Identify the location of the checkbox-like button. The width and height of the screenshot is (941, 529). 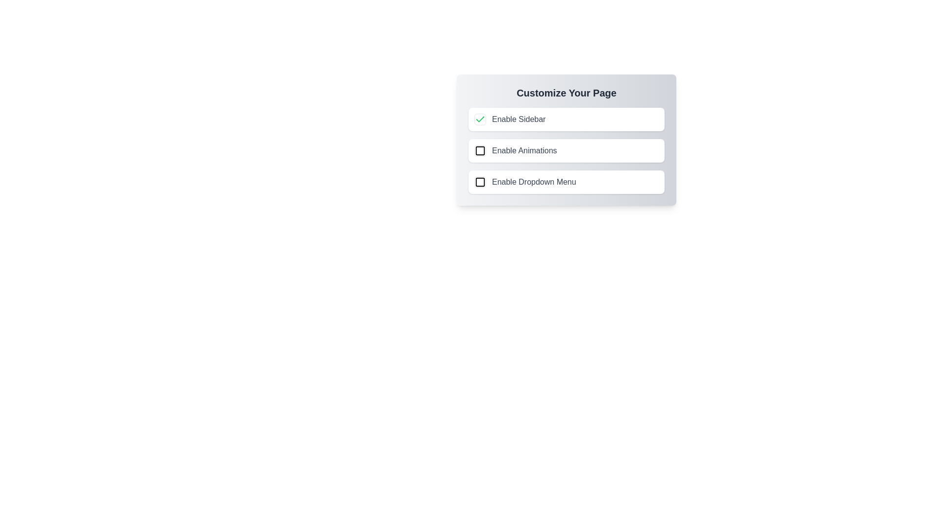
(480, 119).